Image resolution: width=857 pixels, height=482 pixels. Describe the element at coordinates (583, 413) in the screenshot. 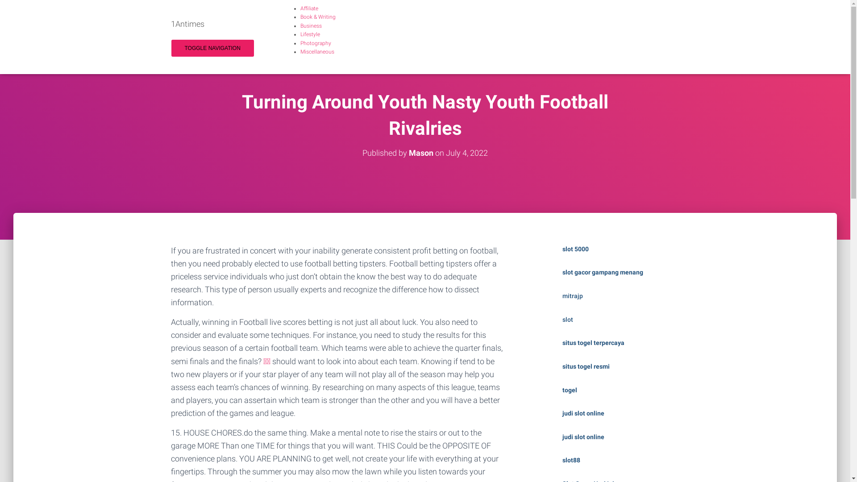

I see `'judi slot online'` at that location.